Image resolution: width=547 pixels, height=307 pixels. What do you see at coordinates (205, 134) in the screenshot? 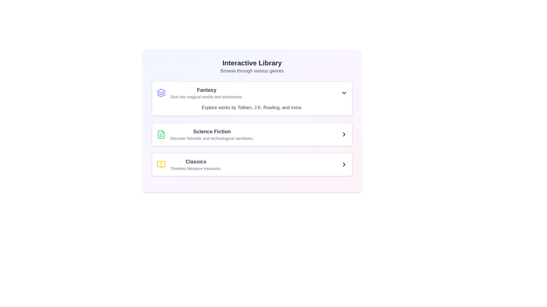
I see `the 'Science Fiction' category list item, which is the second entry in the vertical list of categories positioned between 'Fantasy' and 'Classics'` at bounding box center [205, 134].